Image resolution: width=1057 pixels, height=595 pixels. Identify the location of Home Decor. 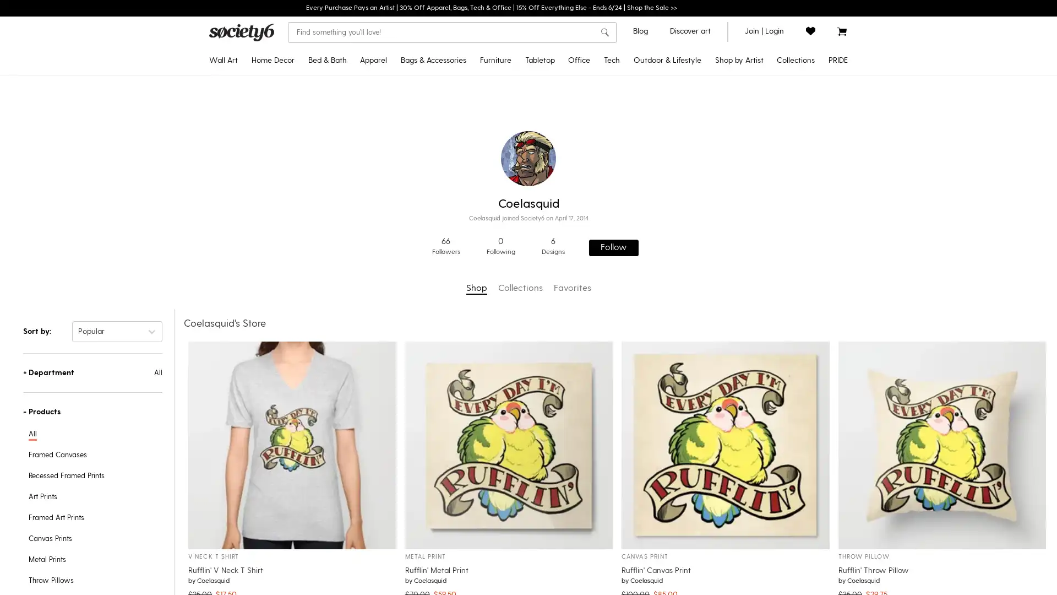
(272, 61).